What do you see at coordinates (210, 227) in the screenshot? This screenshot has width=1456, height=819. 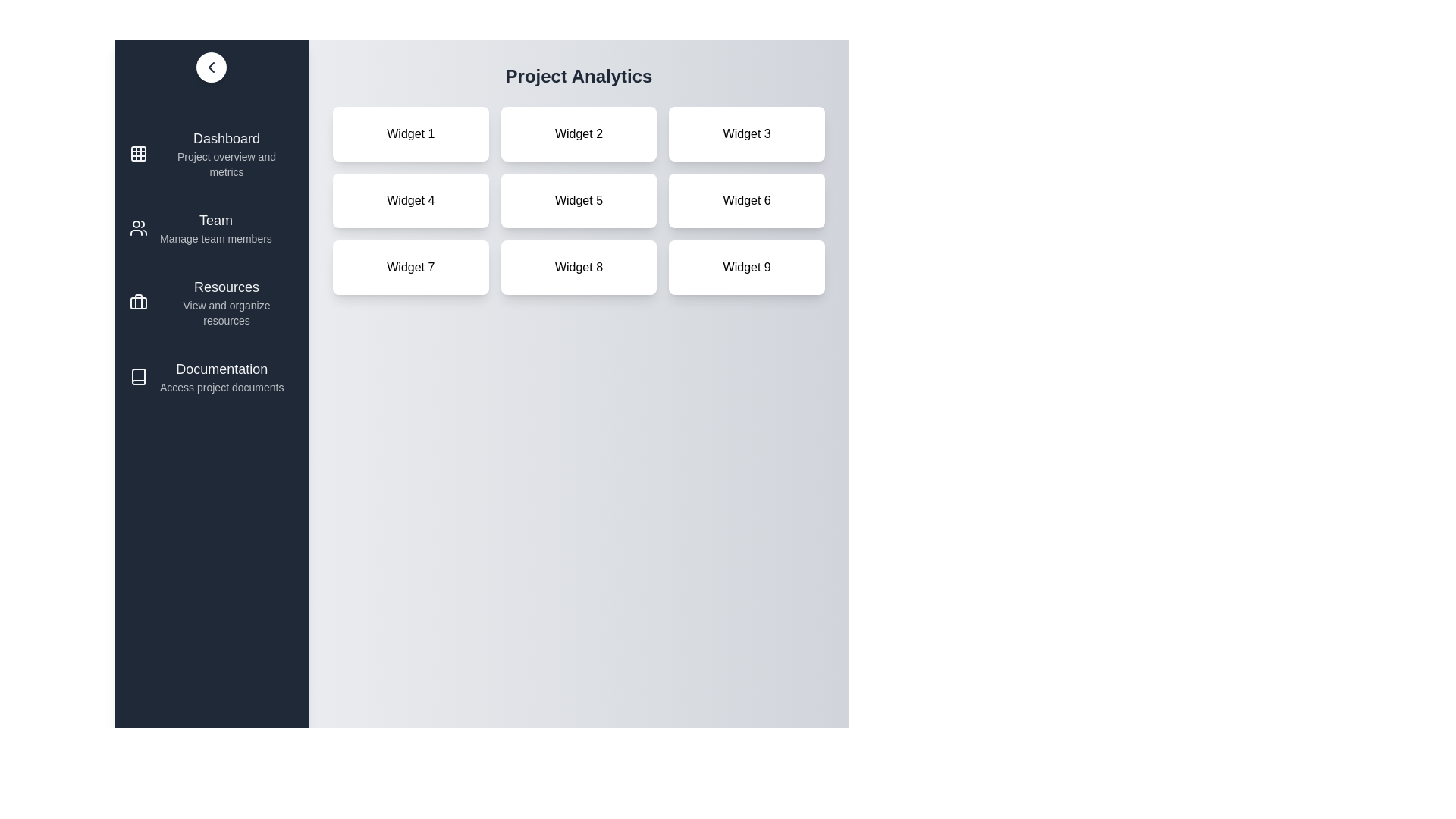 I see `the menu item Team from the sidebar` at bounding box center [210, 227].